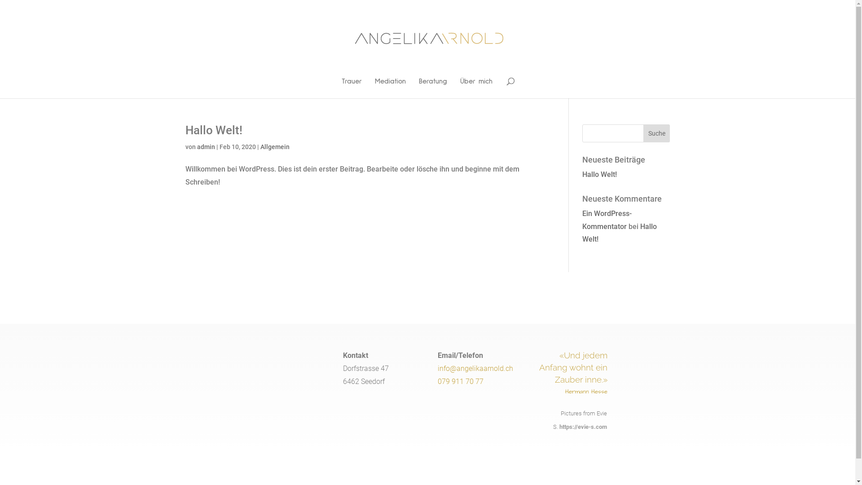 This screenshot has width=862, height=485. Describe the element at coordinates (205, 146) in the screenshot. I see `'admin'` at that location.